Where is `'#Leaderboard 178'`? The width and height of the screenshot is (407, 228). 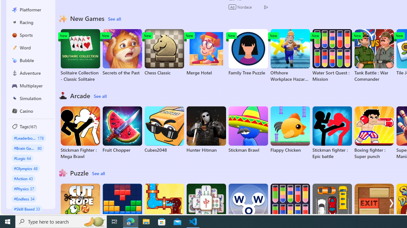 '#Leaderboard 178' is located at coordinates (28, 137).